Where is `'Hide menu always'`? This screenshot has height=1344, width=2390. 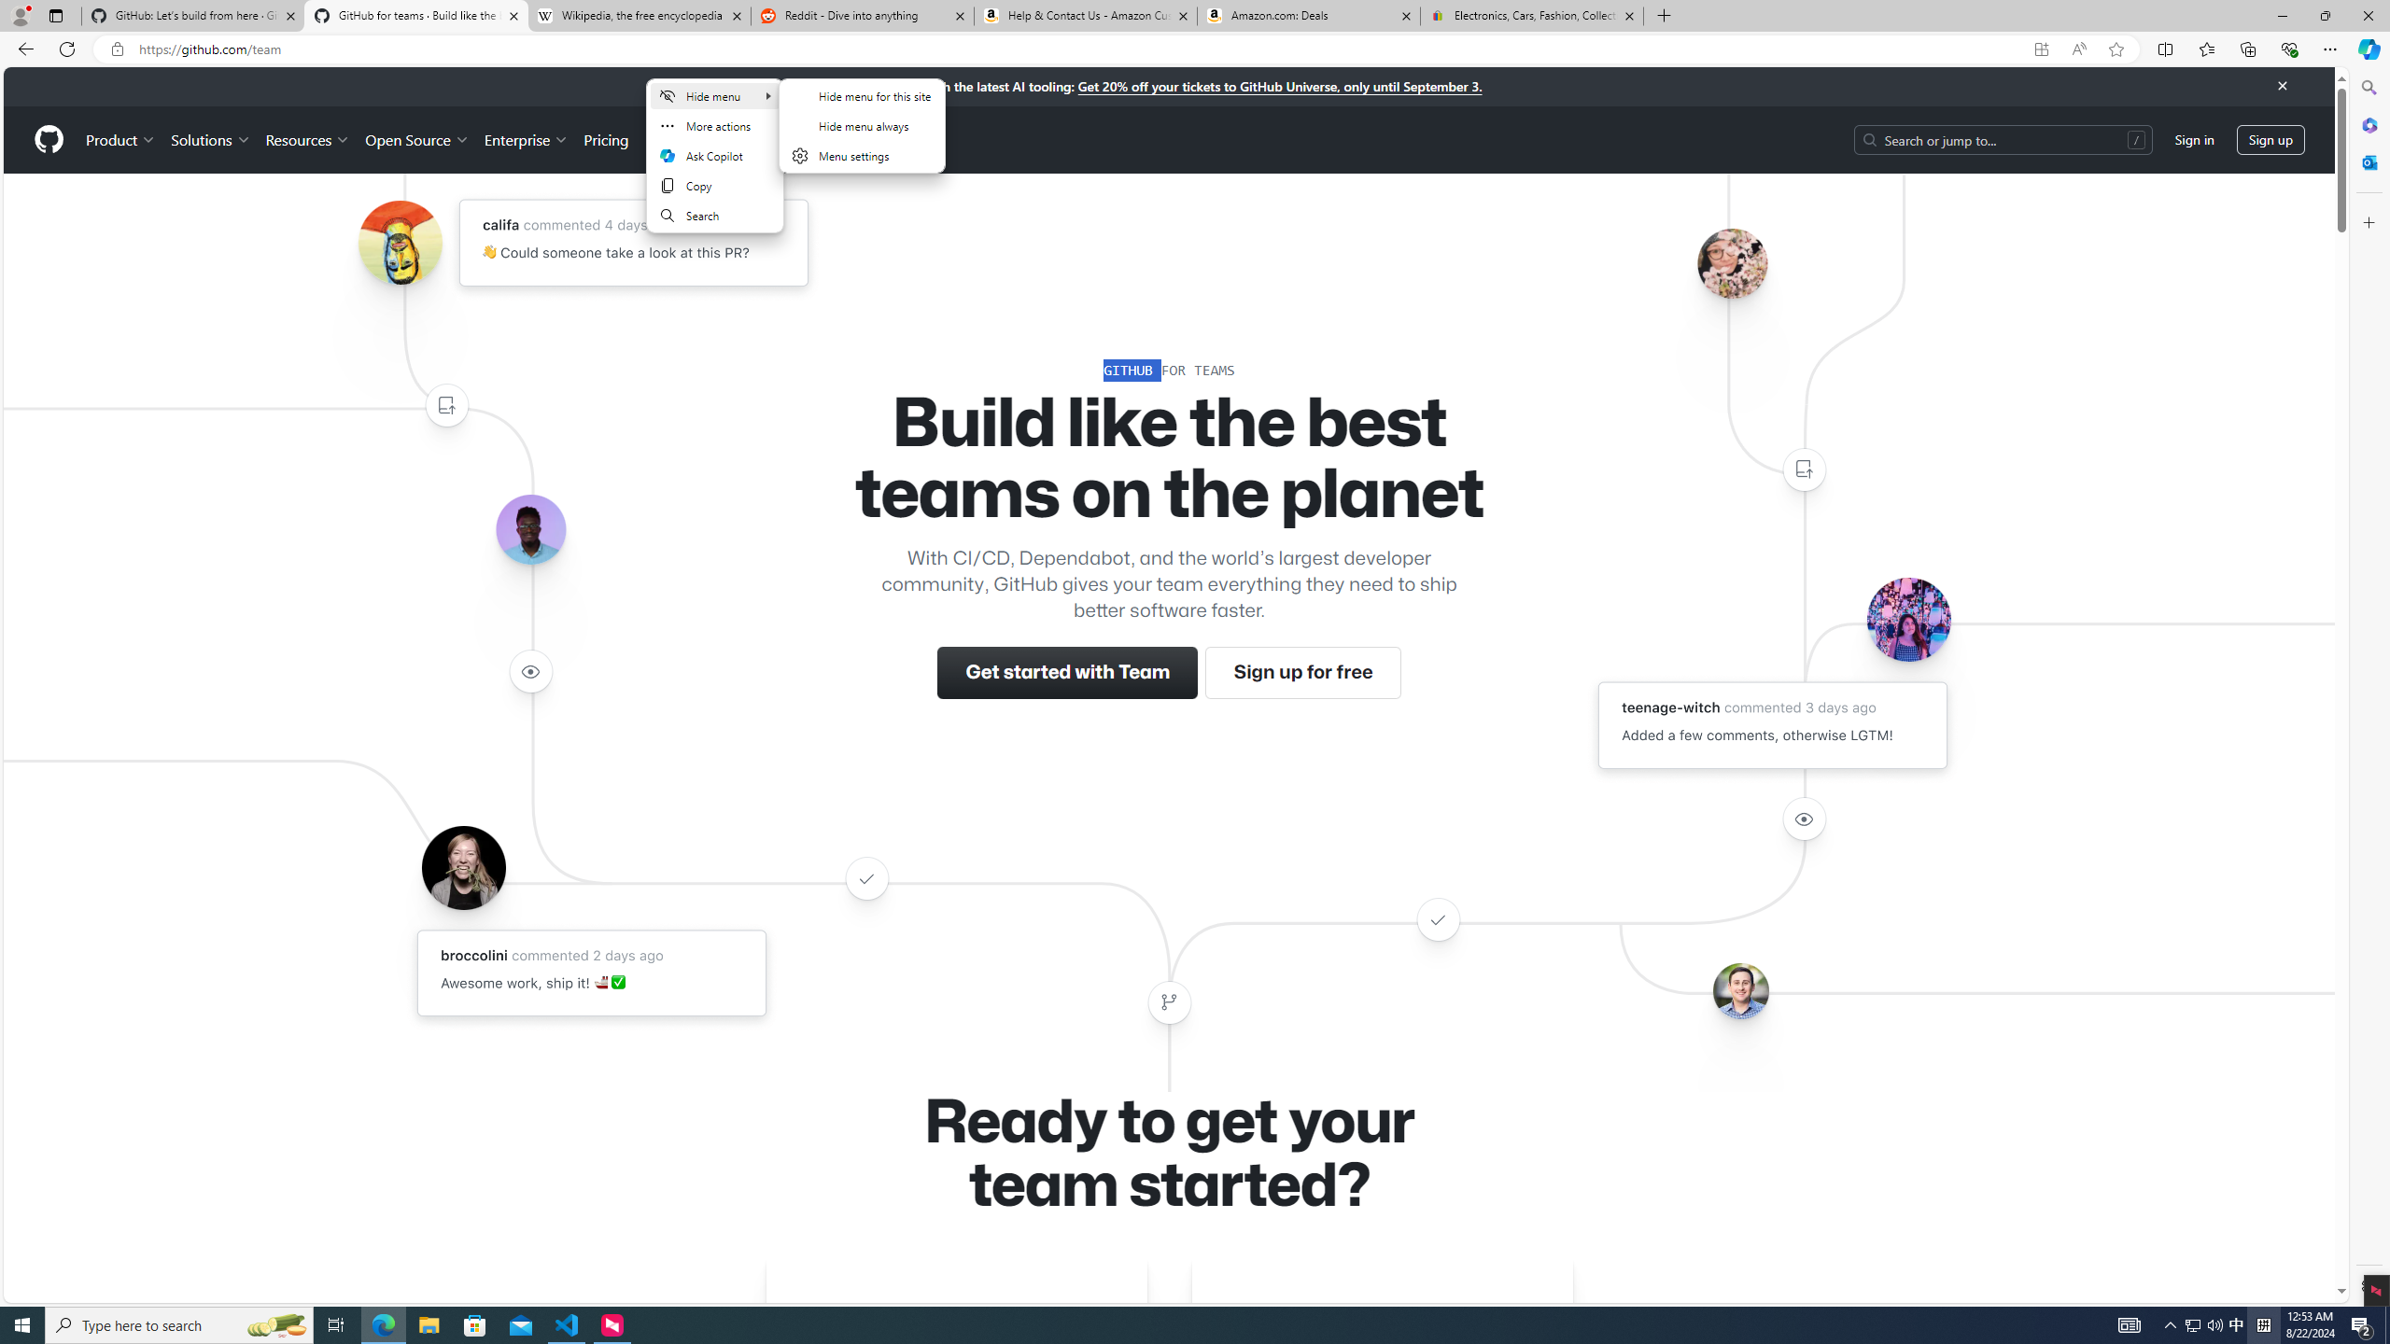
'Hide menu always' is located at coordinates (860, 125).